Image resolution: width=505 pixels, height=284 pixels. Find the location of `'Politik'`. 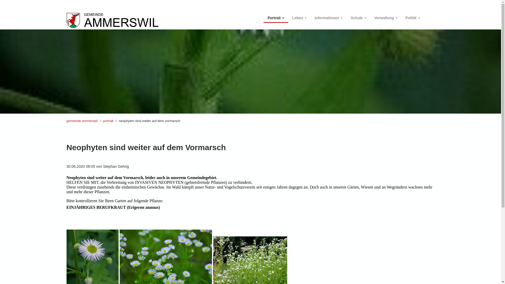

'Politik' is located at coordinates (401, 16).